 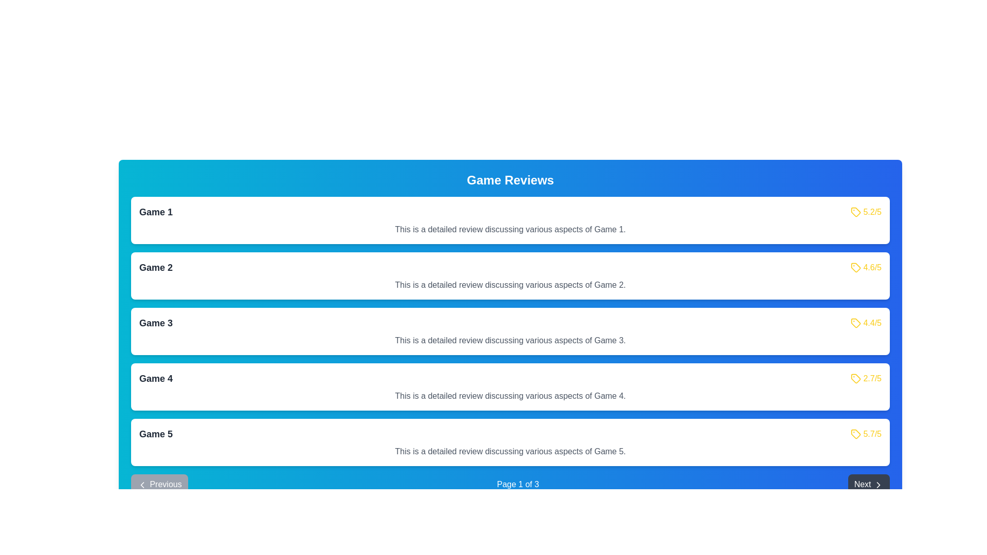 I want to click on the tag icon representing the rating system for Game 3 in the review list, which displays a rating of '4.4/5', so click(x=856, y=322).